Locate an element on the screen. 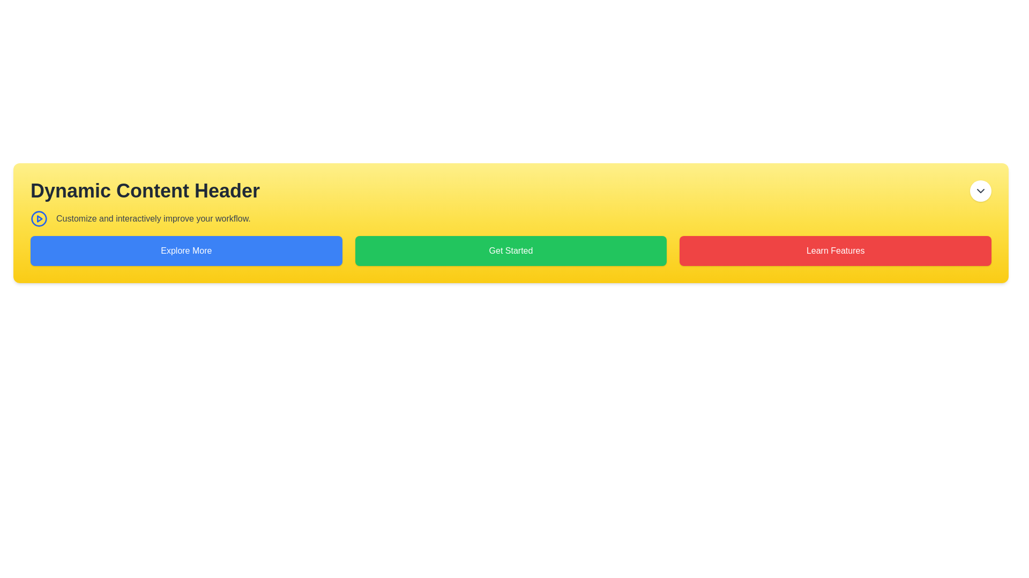  the leftmost button in the row below the 'Dynamic Content Header' is located at coordinates (186, 251).